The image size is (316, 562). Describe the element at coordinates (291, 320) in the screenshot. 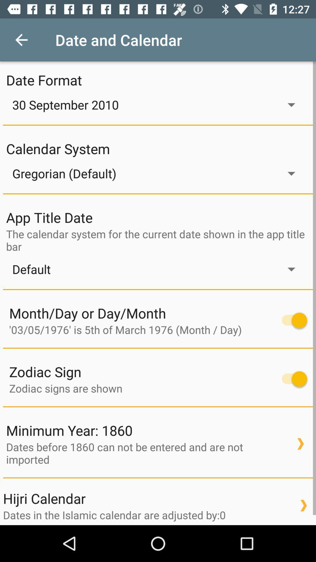

I see `autoplay button` at that location.